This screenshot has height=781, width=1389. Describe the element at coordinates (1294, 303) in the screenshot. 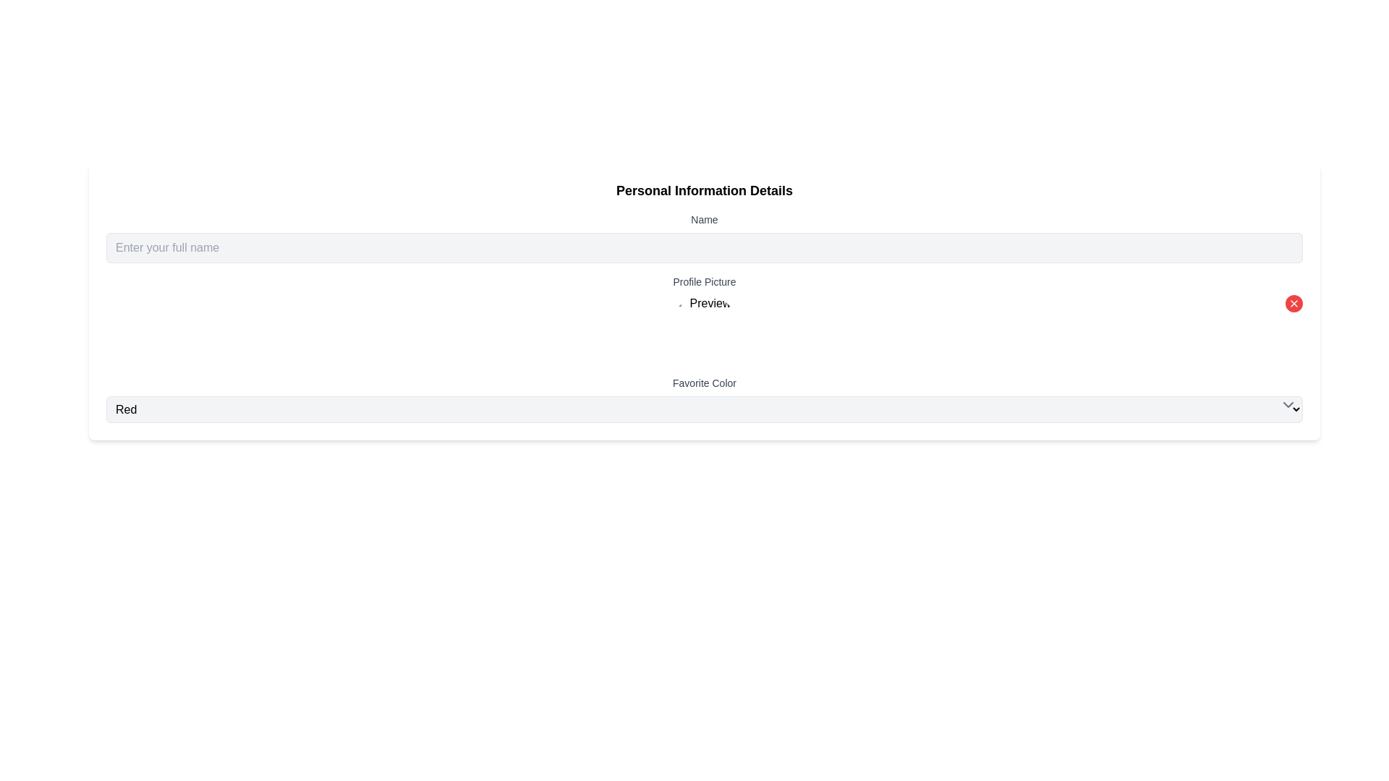

I see `the small 'X' icon, which resembles a close button, located in the top-right section of the 'Profile Picture' input field` at that location.